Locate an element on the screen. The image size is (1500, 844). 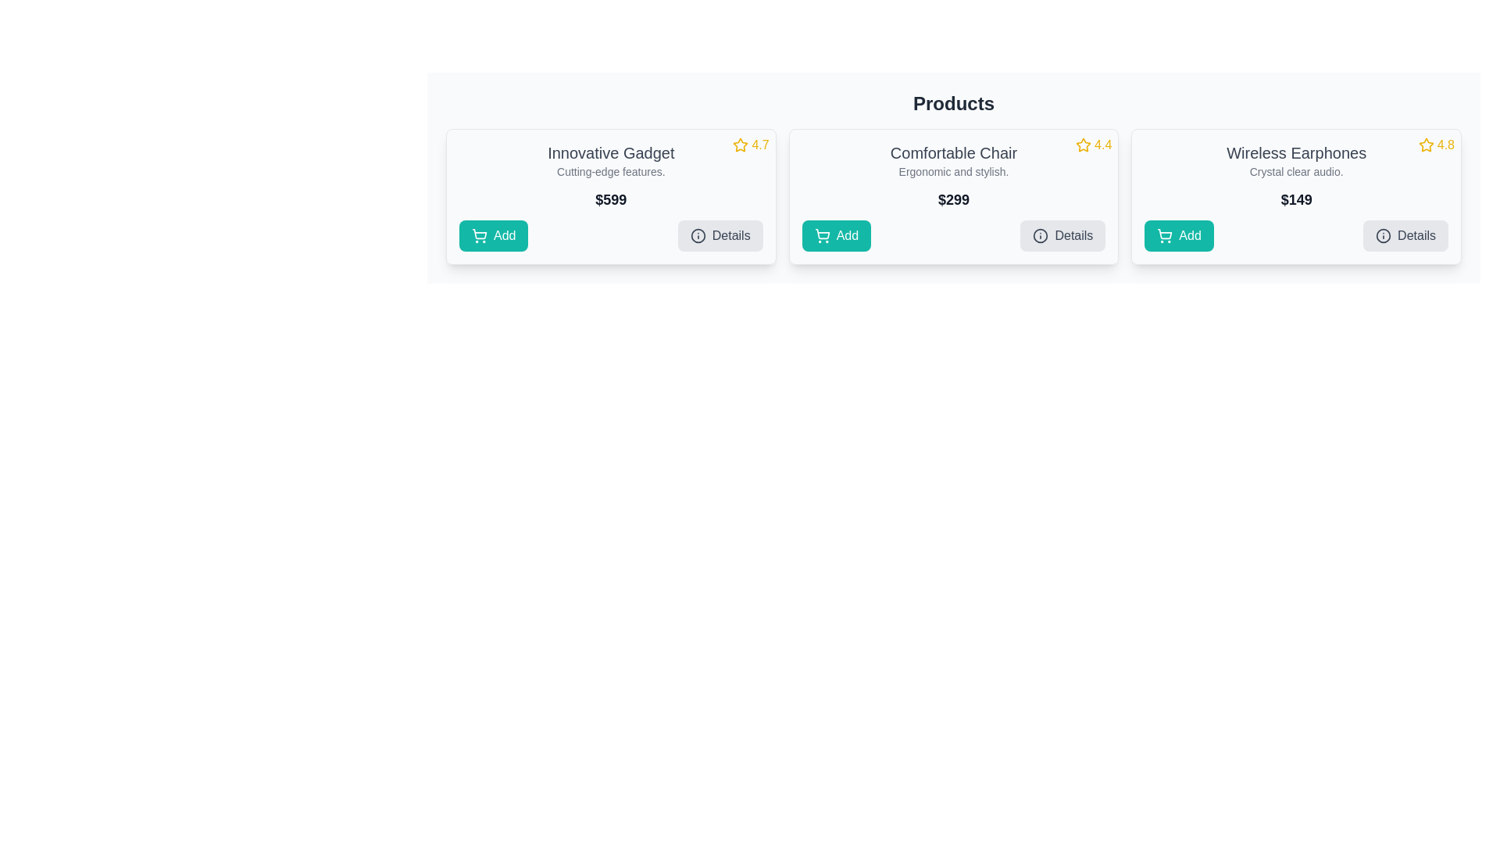
rating display element for the product 'Wireless Earphones', which shows a yellow star icon and a numeric rating of '4.8' is located at coordinates (1436, 145).